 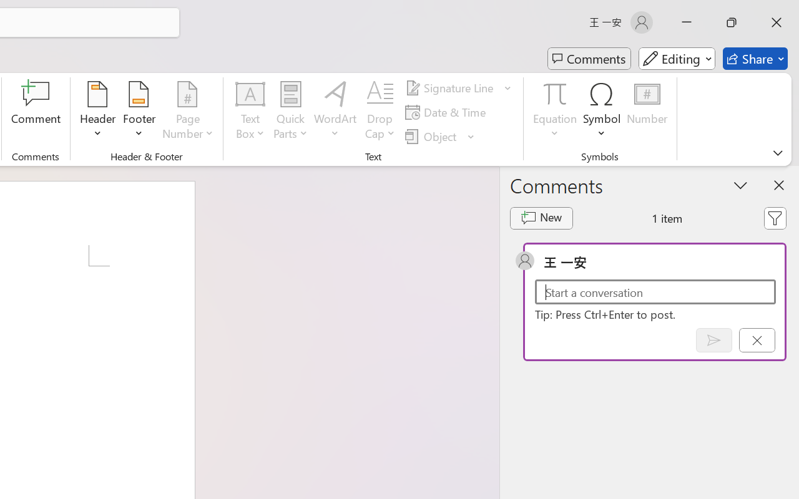 What do you see at coordinates (713, 340) in the screenshot?
I see `'Post comment (Ctrl + Enter)'` at bounding box center [713, 340].